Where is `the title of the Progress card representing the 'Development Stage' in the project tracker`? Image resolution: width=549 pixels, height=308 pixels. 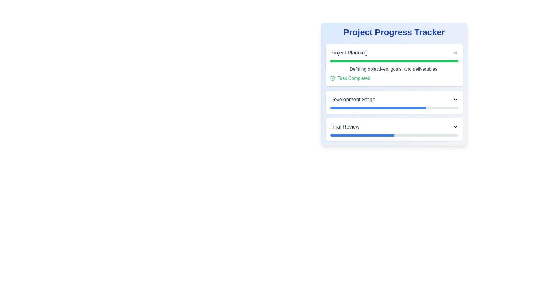
the title of the Progress card representing the 'Development Stage' in the project tracker is located at coordinates (394, 102).